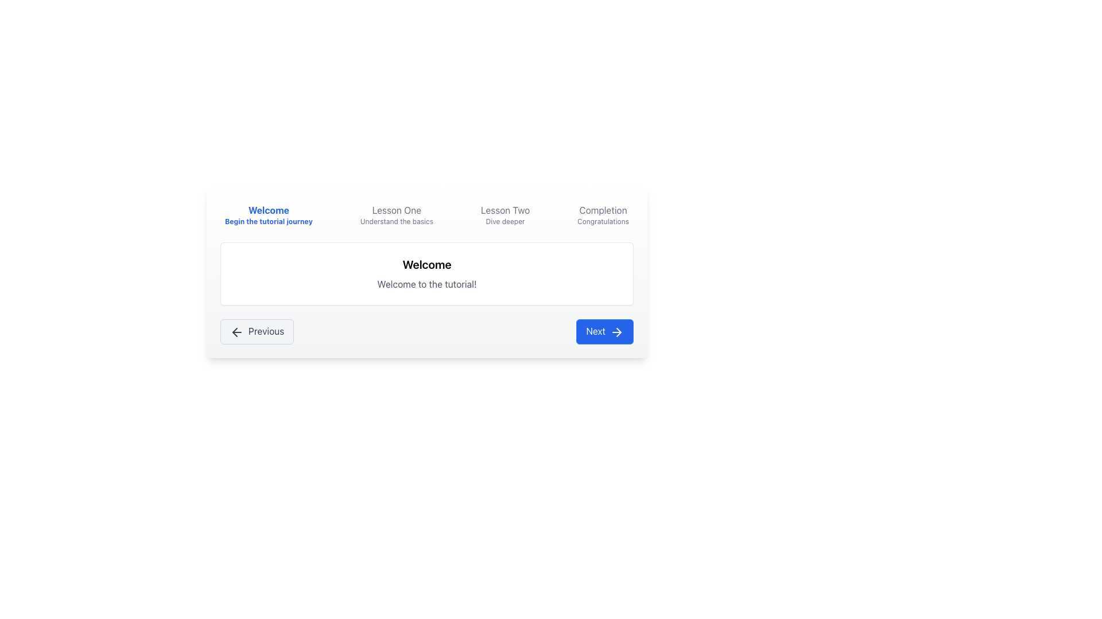 The image size is (1102, 619). What do you see at coordinates (397, 221) in the screenshot?
I see `the text label reading 'Understand the basics.' which is located below the 'Lesson One' label, centrally aligned with it` at bounding box center [397, 221].